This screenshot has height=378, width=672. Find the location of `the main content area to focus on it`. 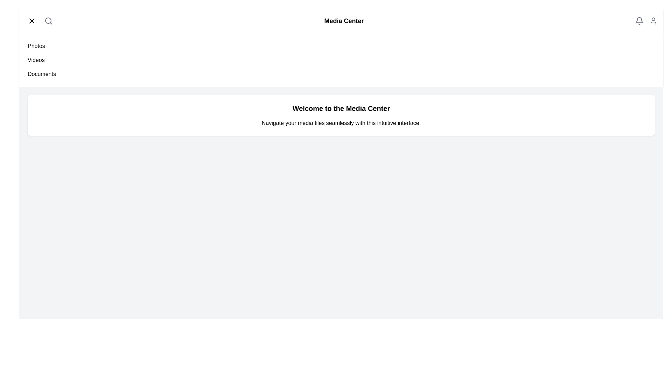

the main content area to focus on it is located at coordinates (341, 115).